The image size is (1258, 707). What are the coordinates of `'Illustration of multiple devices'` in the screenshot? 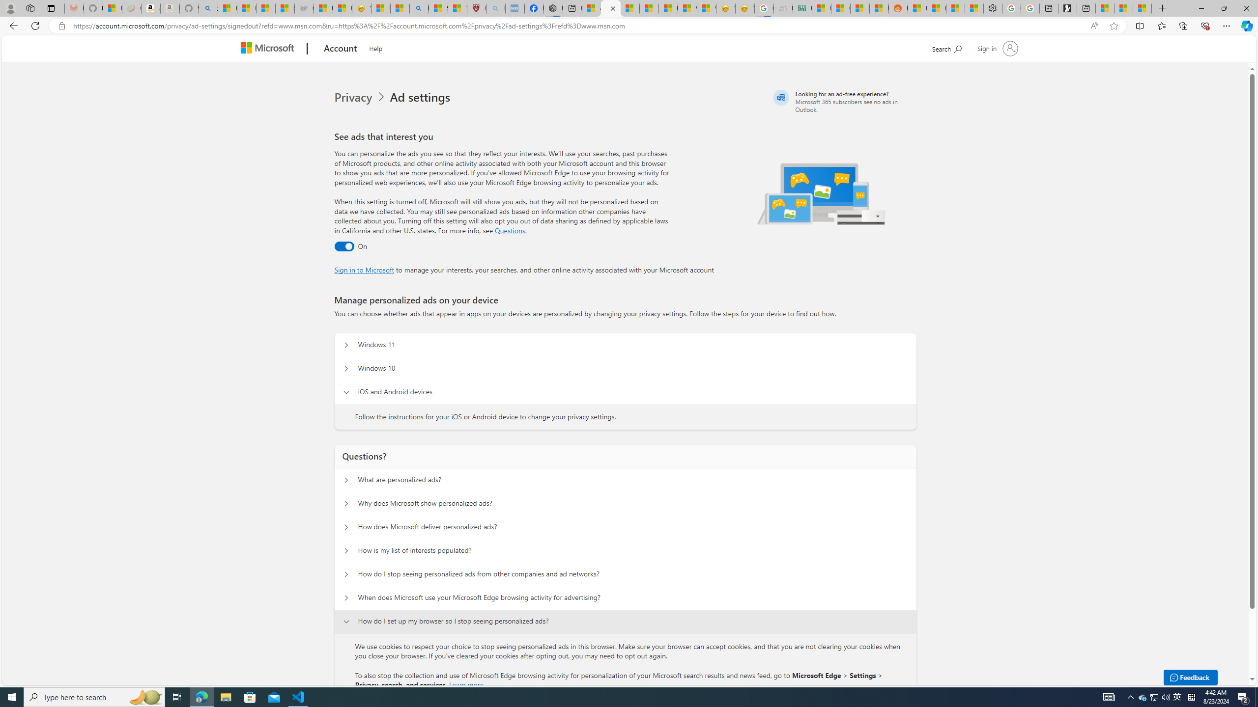 It's located at (821, 193).